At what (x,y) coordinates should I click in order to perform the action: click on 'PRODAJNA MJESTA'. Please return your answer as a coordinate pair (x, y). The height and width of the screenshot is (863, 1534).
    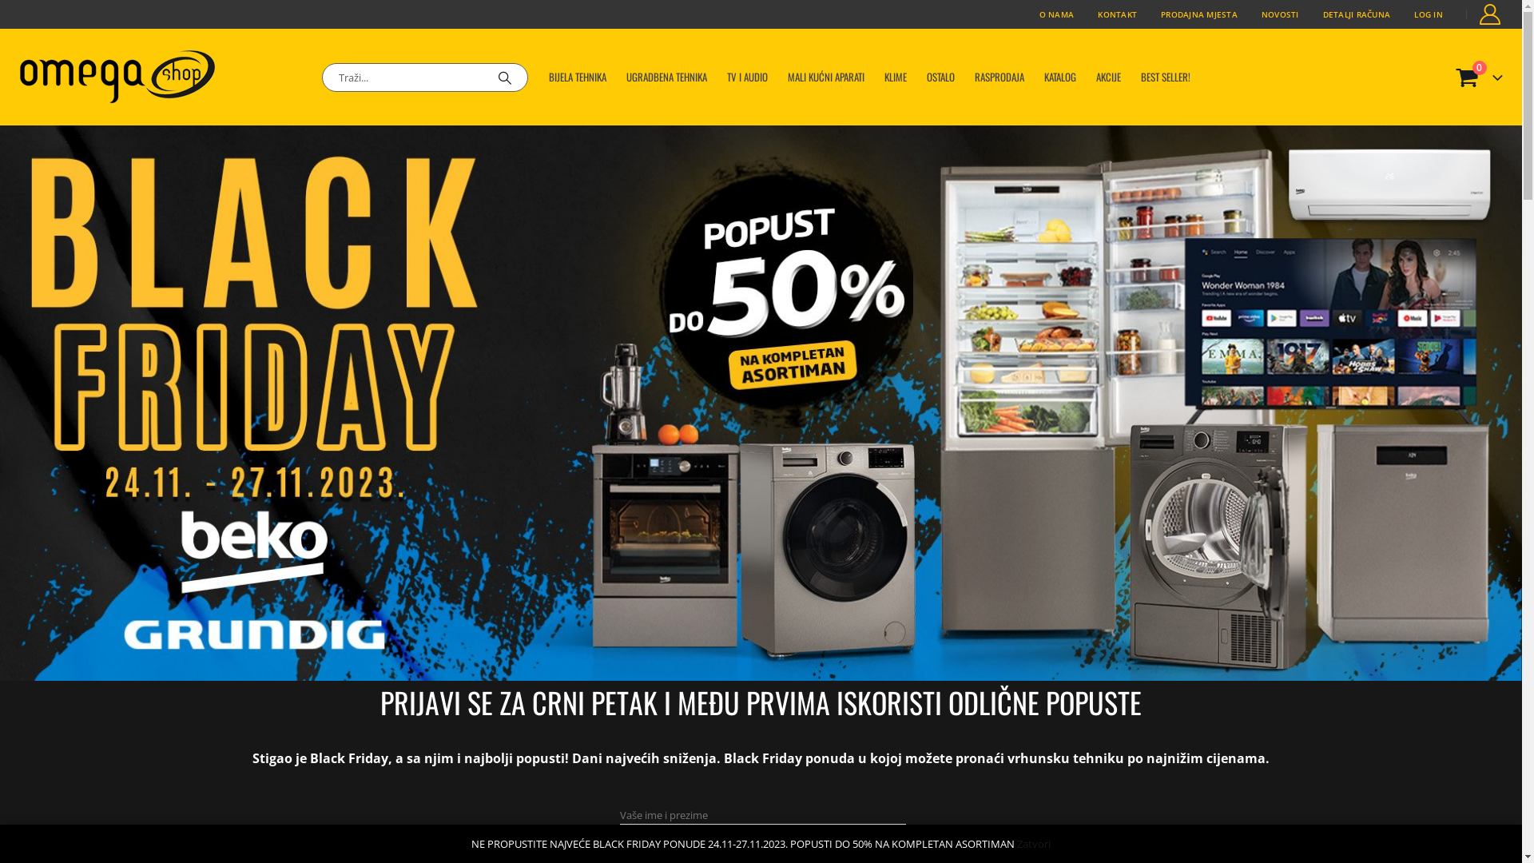
    Looking at the image, I should click on (1148, 14).